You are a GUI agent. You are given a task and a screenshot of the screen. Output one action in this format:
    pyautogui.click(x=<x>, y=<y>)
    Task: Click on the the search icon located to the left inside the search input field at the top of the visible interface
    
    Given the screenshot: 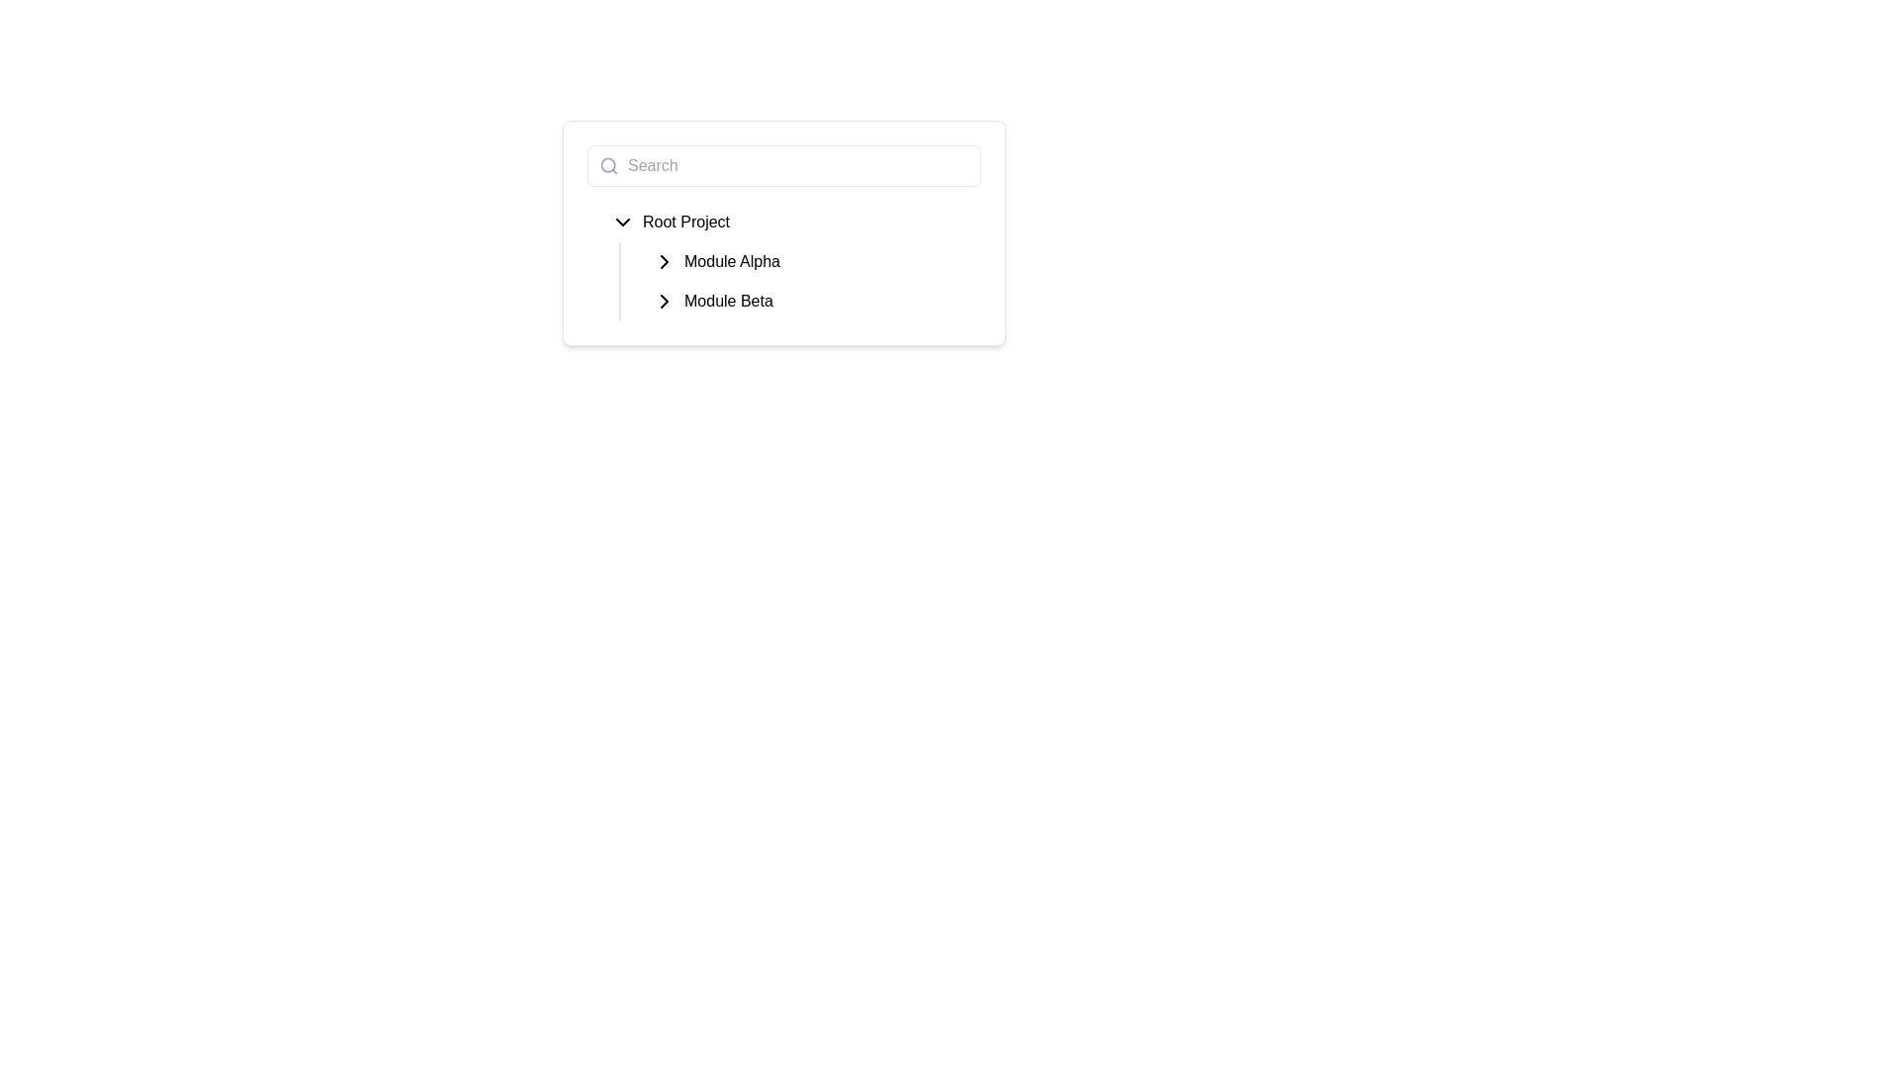 What is the action you would take?
    pyautogui.click(x=607, y=165)
    